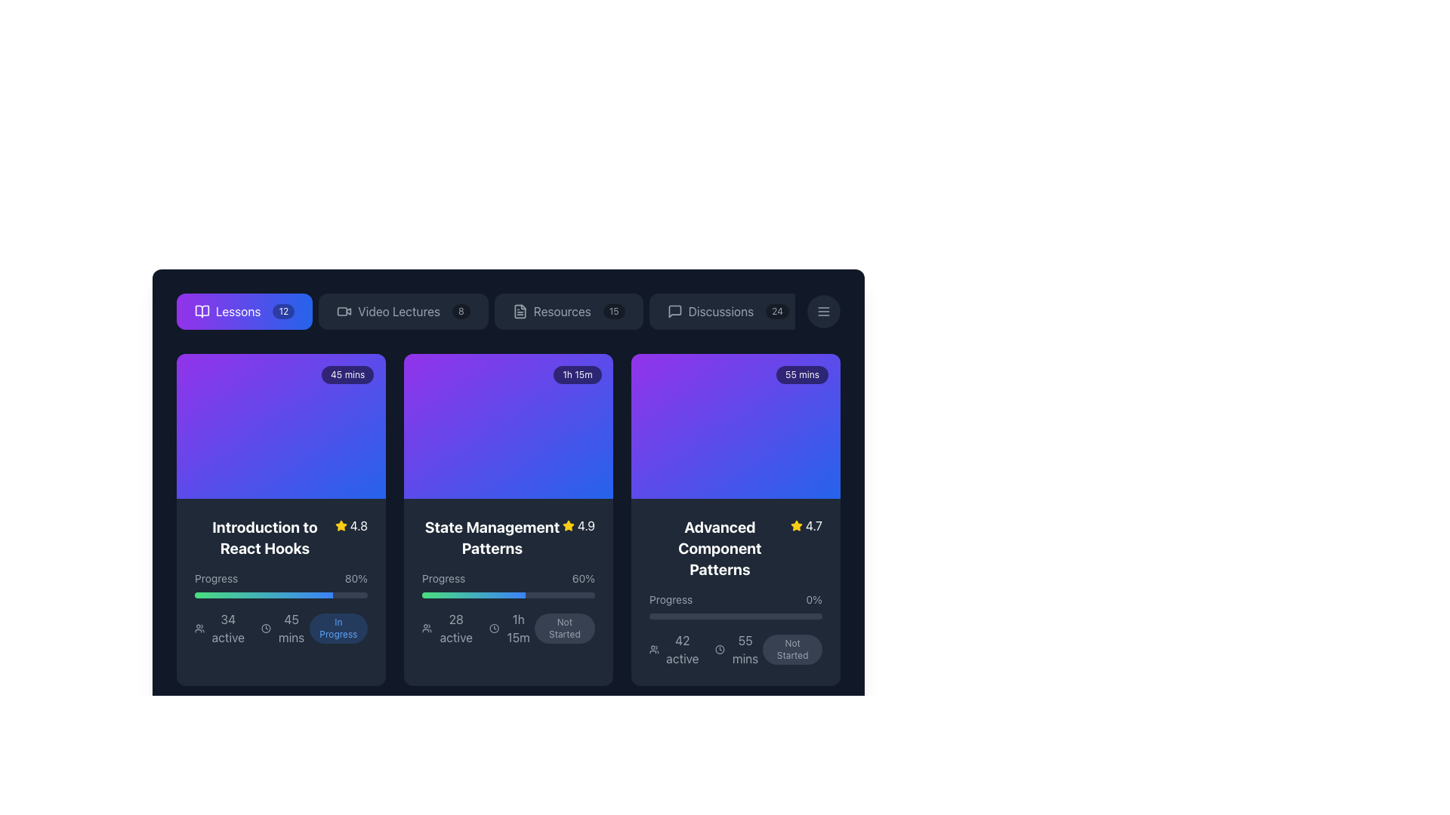 This screenshot has height=815, width=1450. Describe the element at coordinates (211, 595) in the screenshot. I see `the progress bar` at that location.